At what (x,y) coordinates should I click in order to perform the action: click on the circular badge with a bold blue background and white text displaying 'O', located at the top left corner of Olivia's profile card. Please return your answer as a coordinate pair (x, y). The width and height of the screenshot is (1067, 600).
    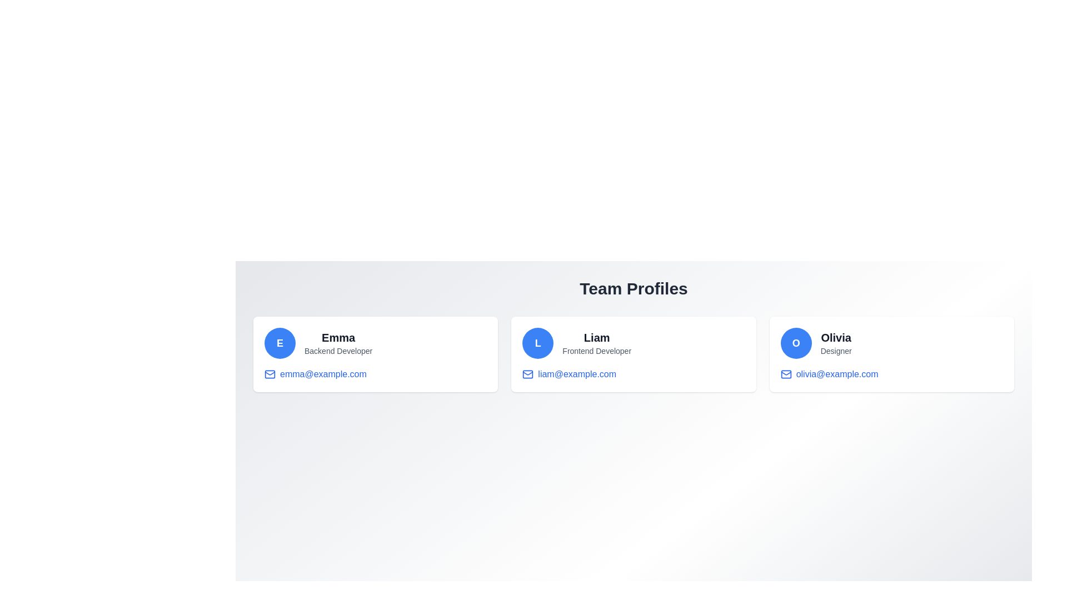
    Looking at the image, I should click on (795, 342).